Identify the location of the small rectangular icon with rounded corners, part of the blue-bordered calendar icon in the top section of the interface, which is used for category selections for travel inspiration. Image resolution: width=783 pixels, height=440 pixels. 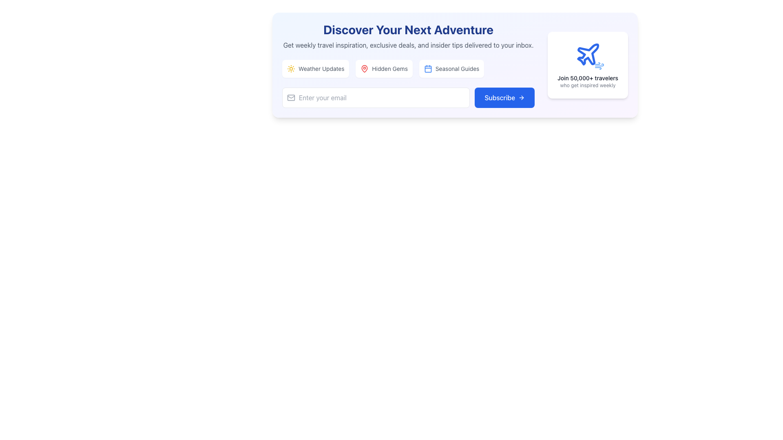
(427, 68).